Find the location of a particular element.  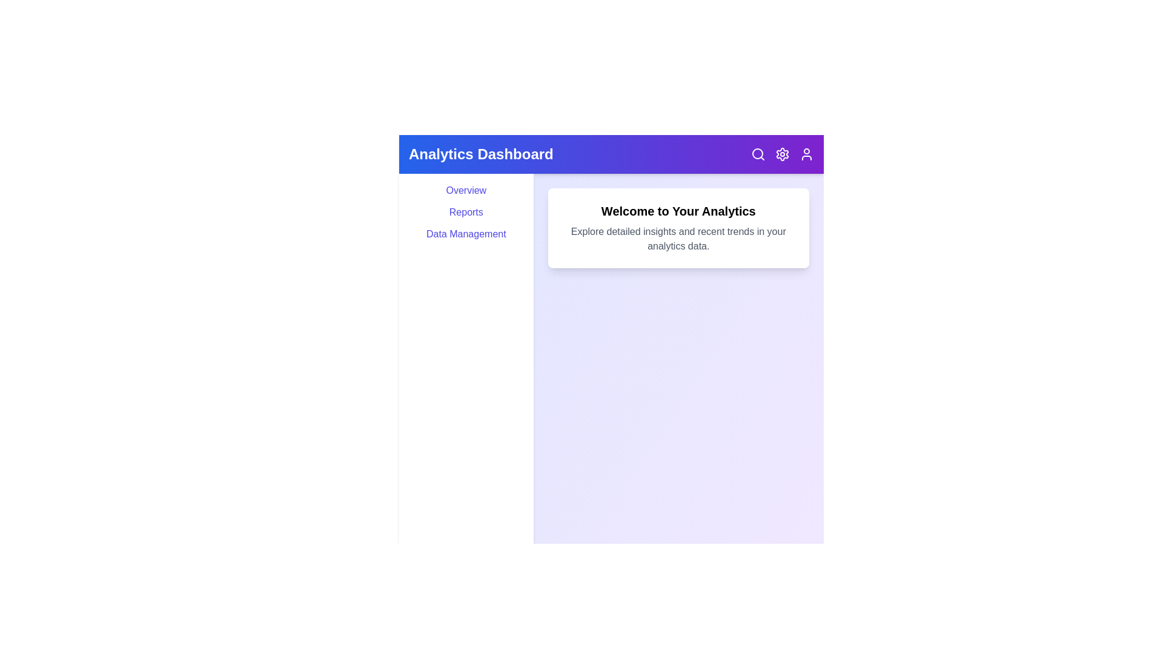

the 'Analytics Dashboard' title in the header is located at coordinates (480, 153).